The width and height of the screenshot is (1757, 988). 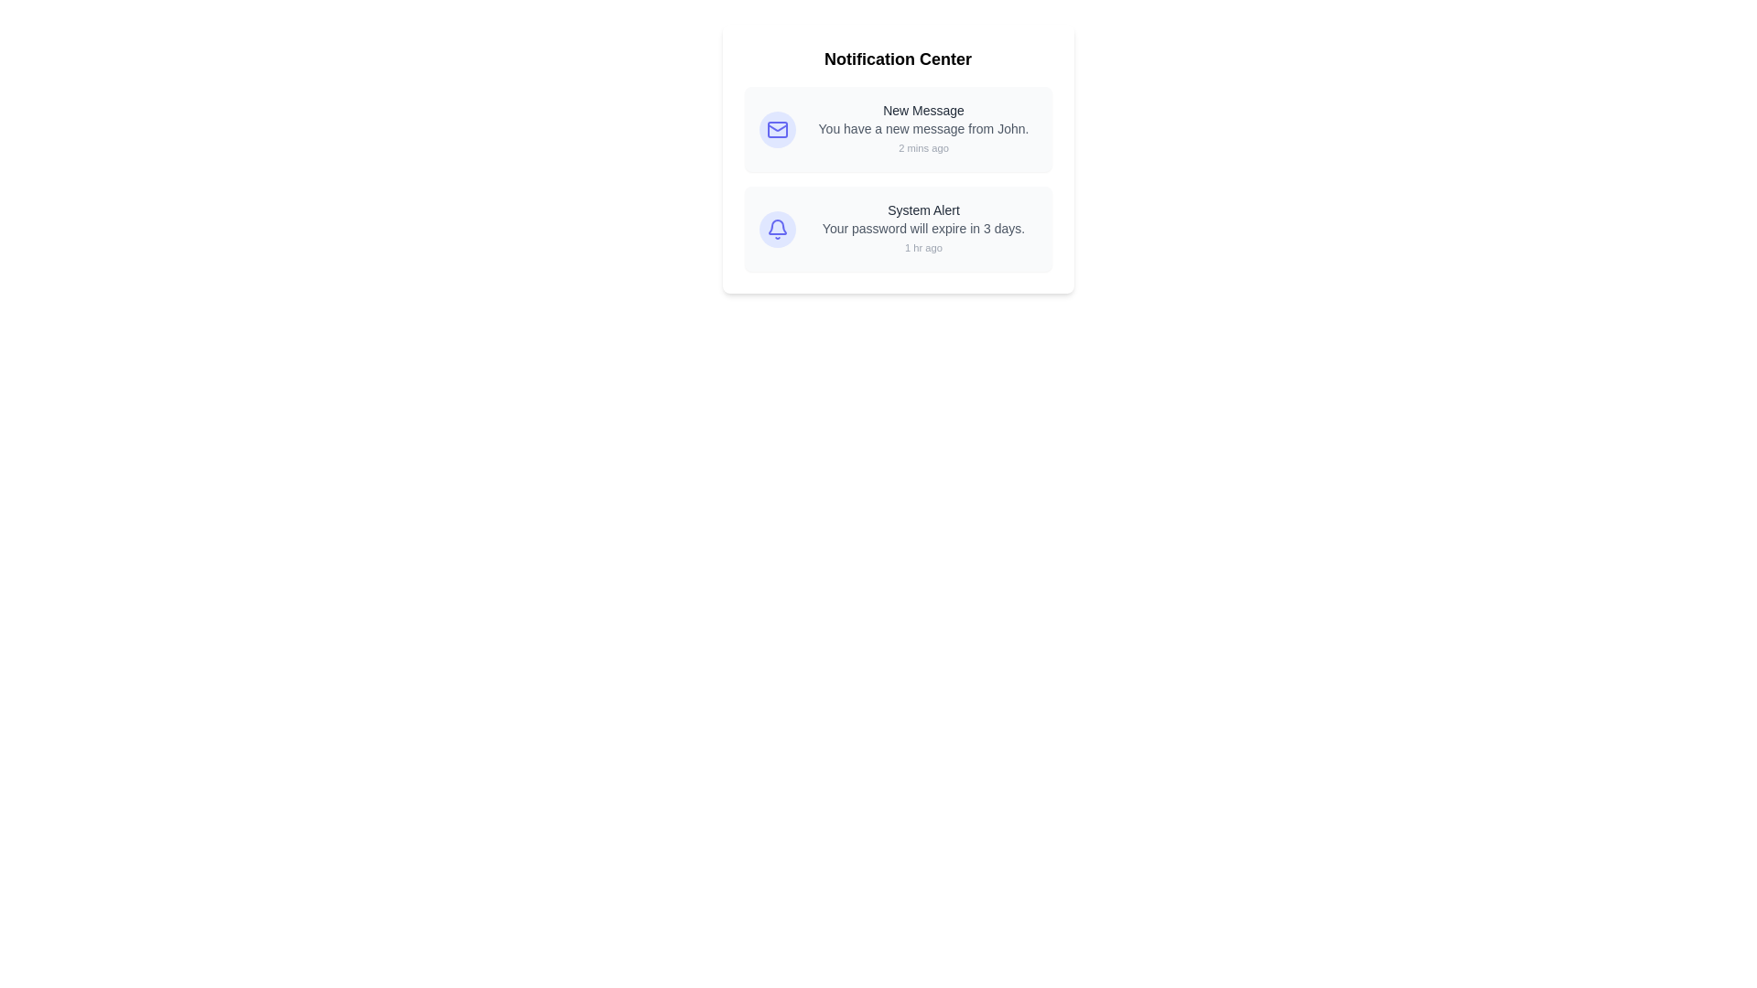 I want to click on text displayed in the bold, large-sized text label saying 'Notification Center', positioned at the top of the notification list interface, so click(x=898, y=59).